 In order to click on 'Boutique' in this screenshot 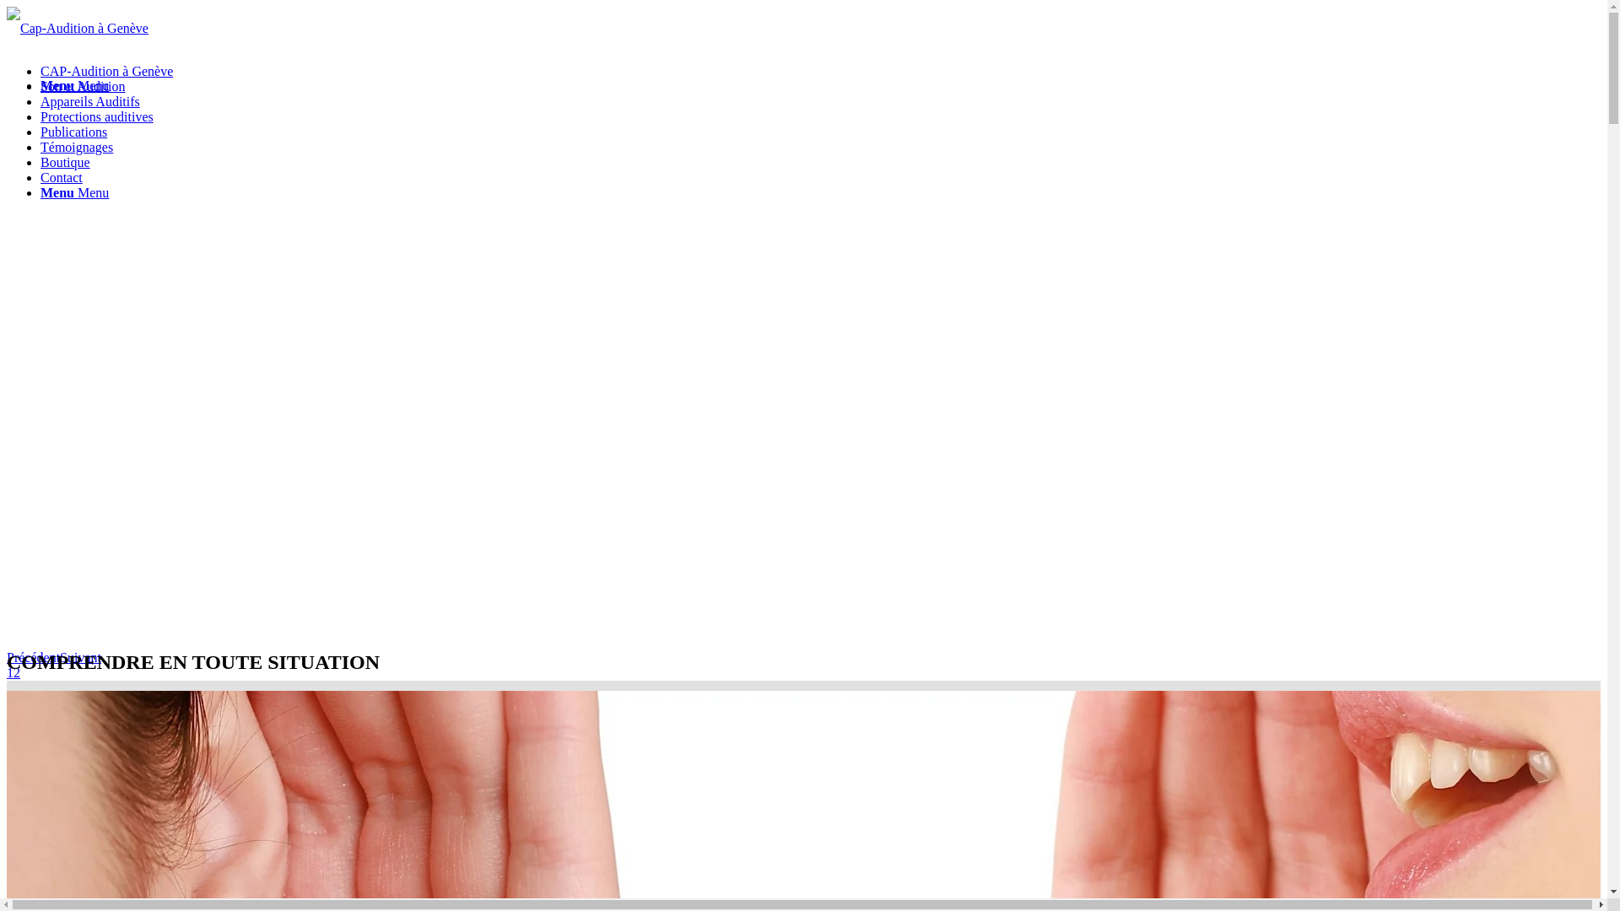, I will do `click(65, 162)`.